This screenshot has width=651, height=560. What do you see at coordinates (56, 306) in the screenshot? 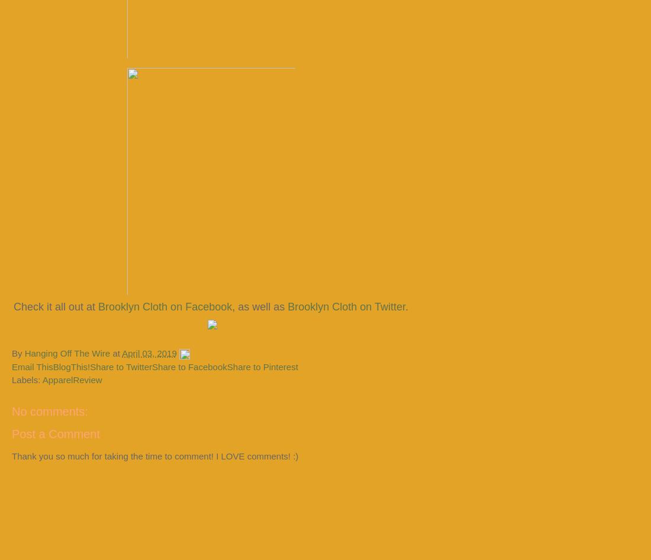
I see `'Check it all out at'` at bounding box center [56, 306].